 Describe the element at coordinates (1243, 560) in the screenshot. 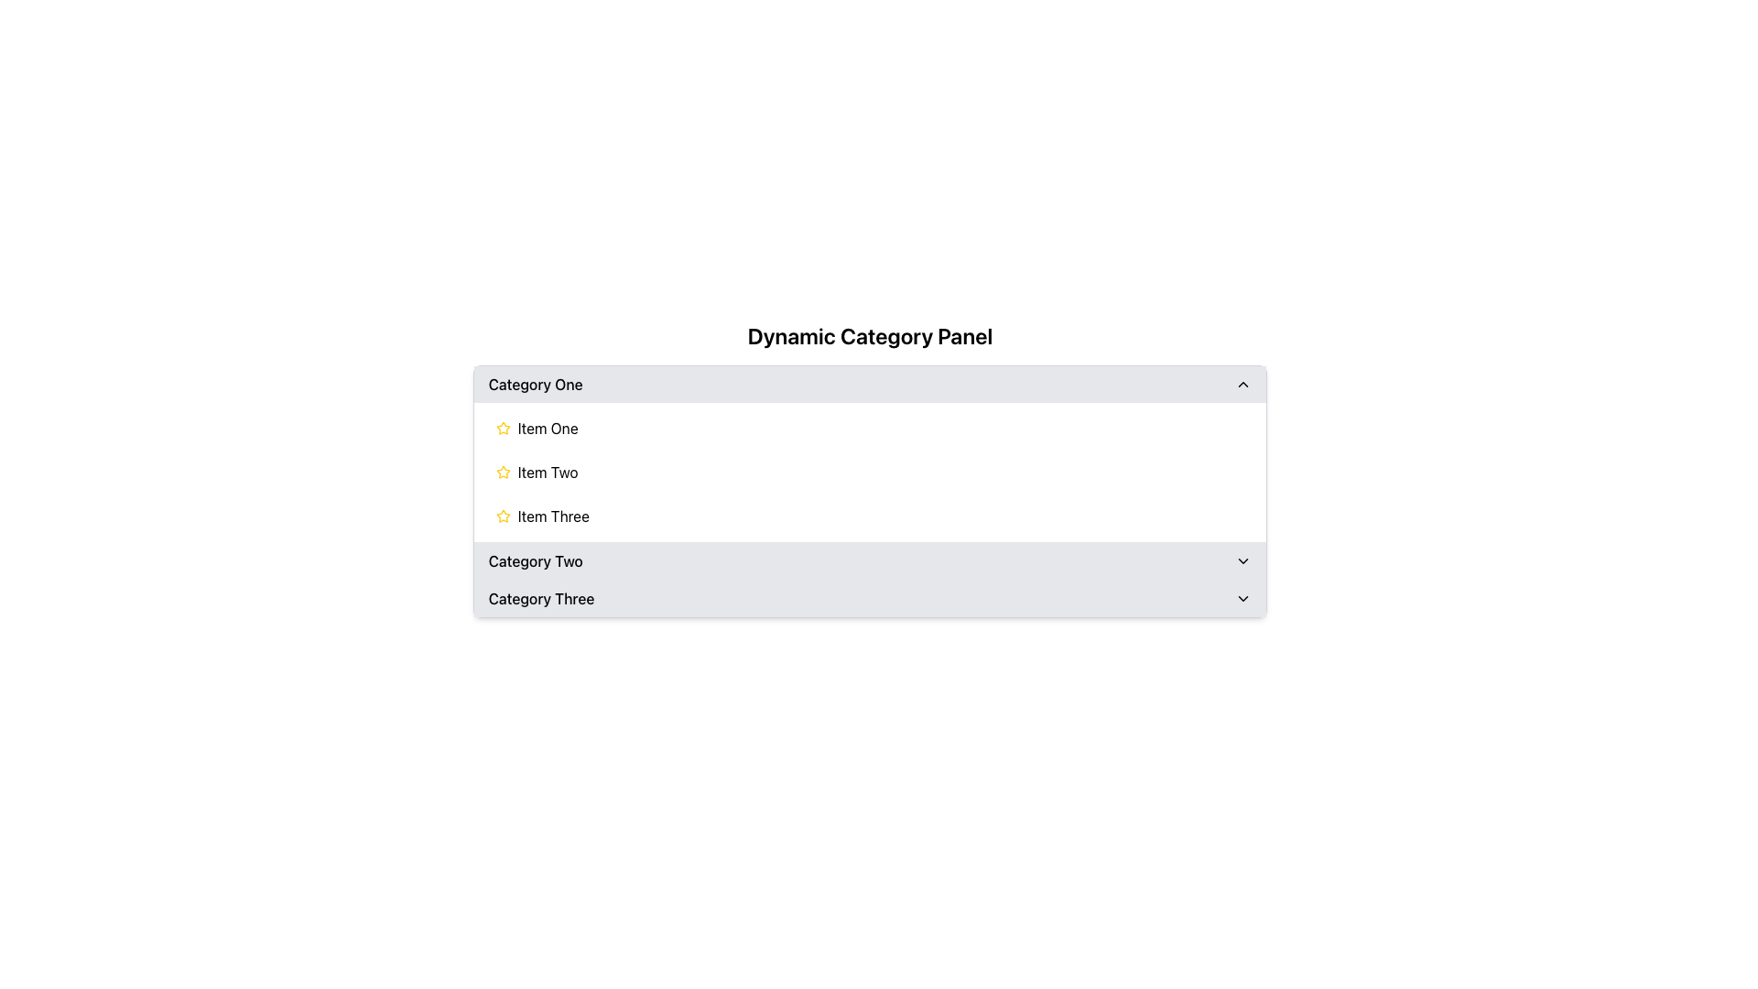

I see `the collapsible/expandable icon located on the right side of the 'Category Two' section header` at that location.